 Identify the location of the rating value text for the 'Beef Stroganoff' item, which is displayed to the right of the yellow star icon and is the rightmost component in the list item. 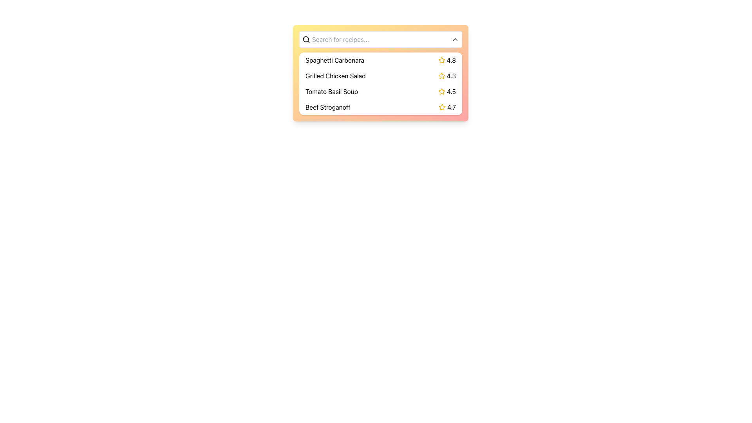
(451, 107).